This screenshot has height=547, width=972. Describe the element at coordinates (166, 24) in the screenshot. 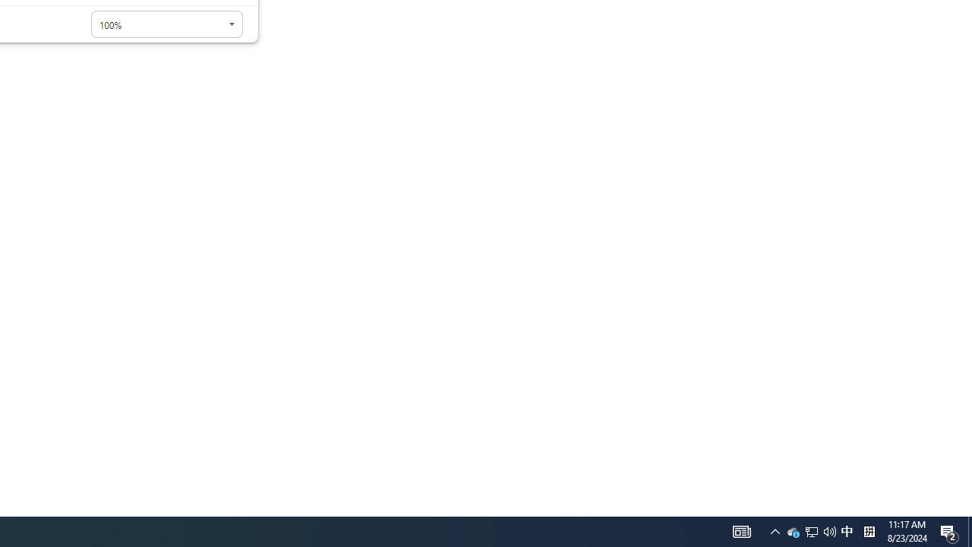

I see `'Page zoom'` at that location.